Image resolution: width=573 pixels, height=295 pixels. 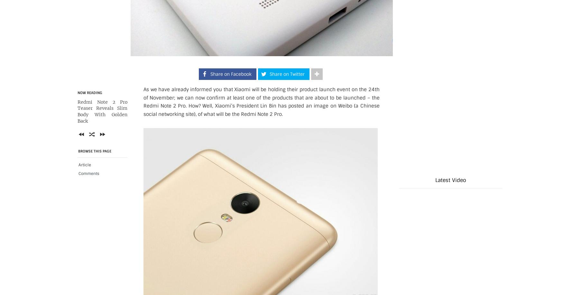 I want to click on 'As we have already informed you that Xiaomi will be holding their', so click(x=221, y=89).